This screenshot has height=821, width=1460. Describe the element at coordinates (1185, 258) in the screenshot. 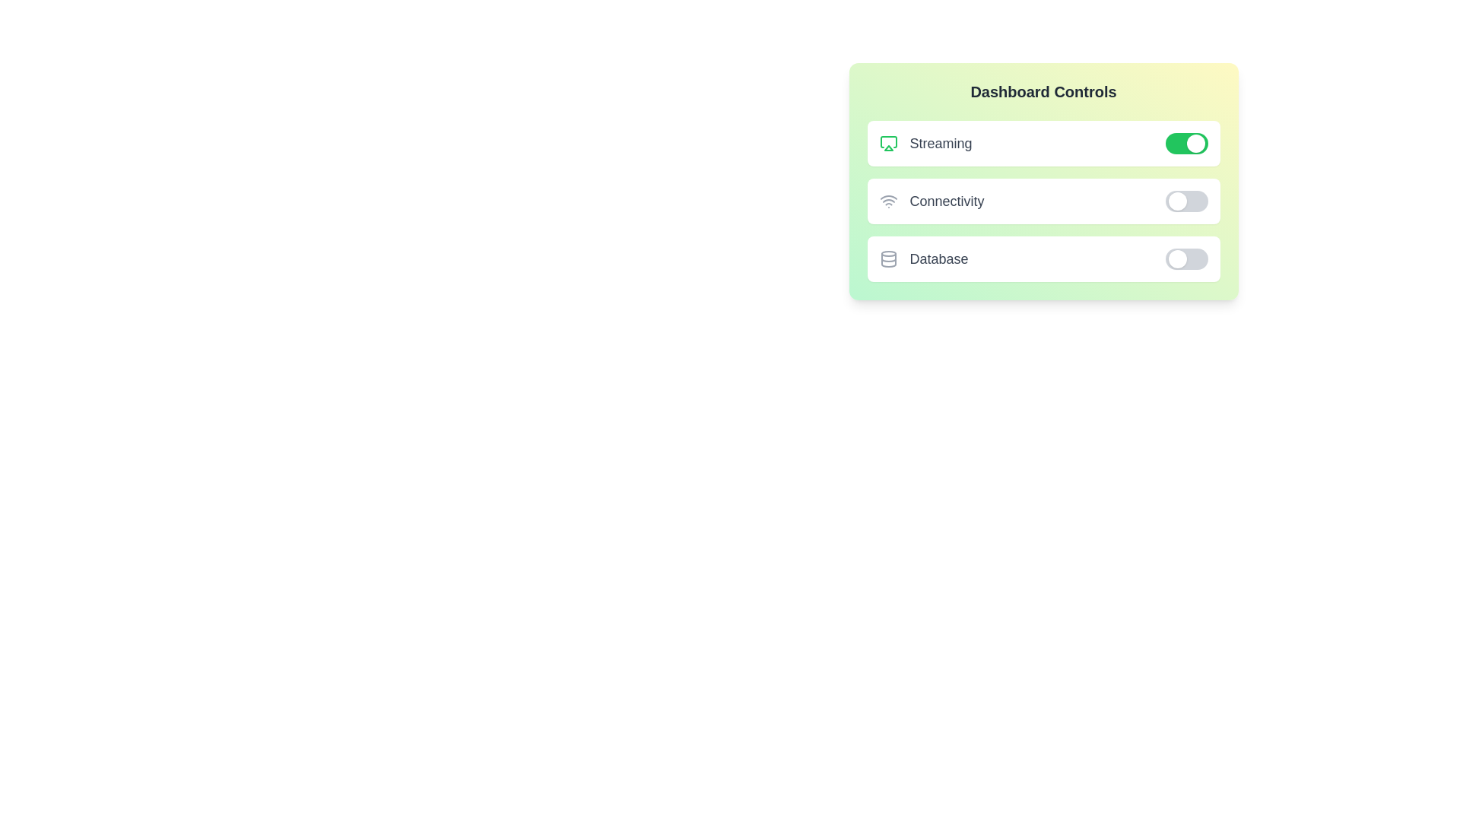

I see `the toggle switch for the 'Database' widget to change its state` at that location.